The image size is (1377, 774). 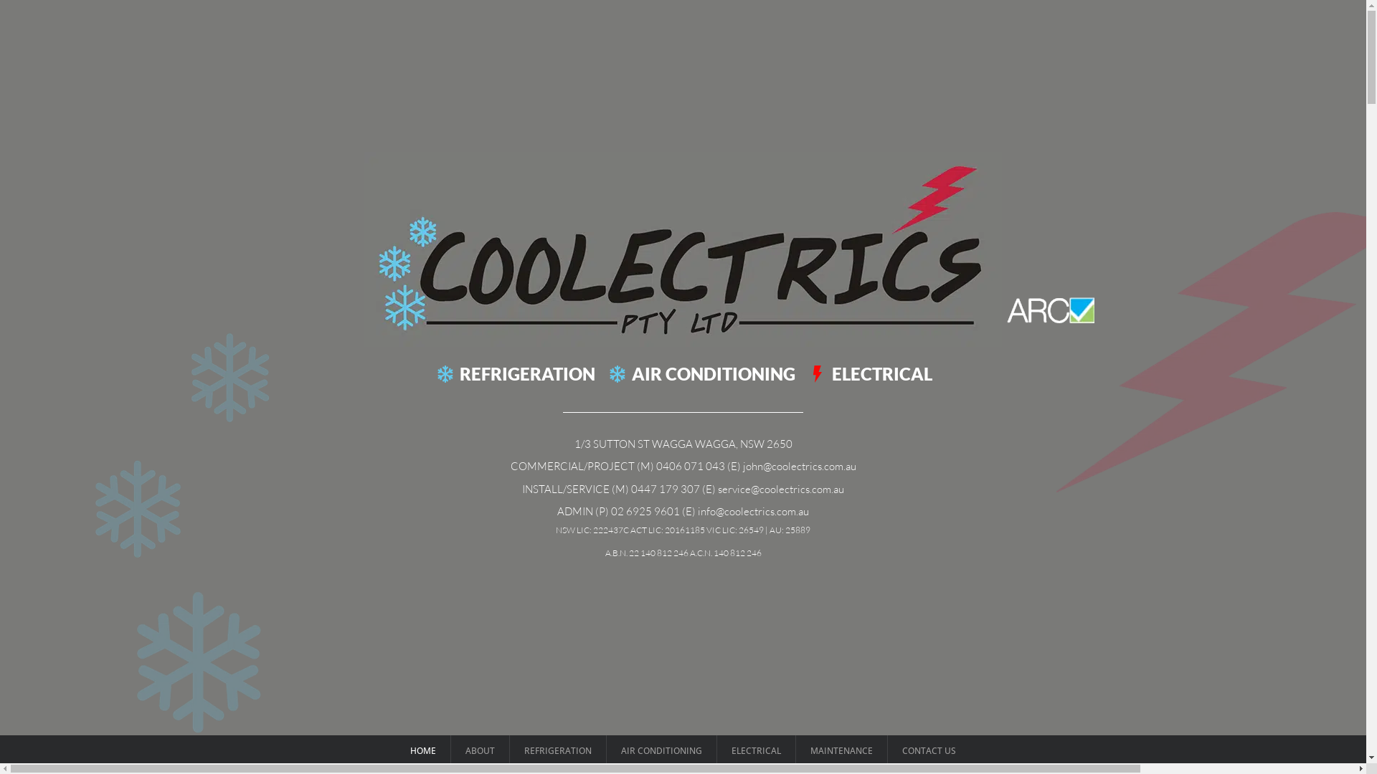 What do you see at coordinates (795, 750) in the screenshot?
I see `'MAINTENANCE'` at bounding box center [795, 750].